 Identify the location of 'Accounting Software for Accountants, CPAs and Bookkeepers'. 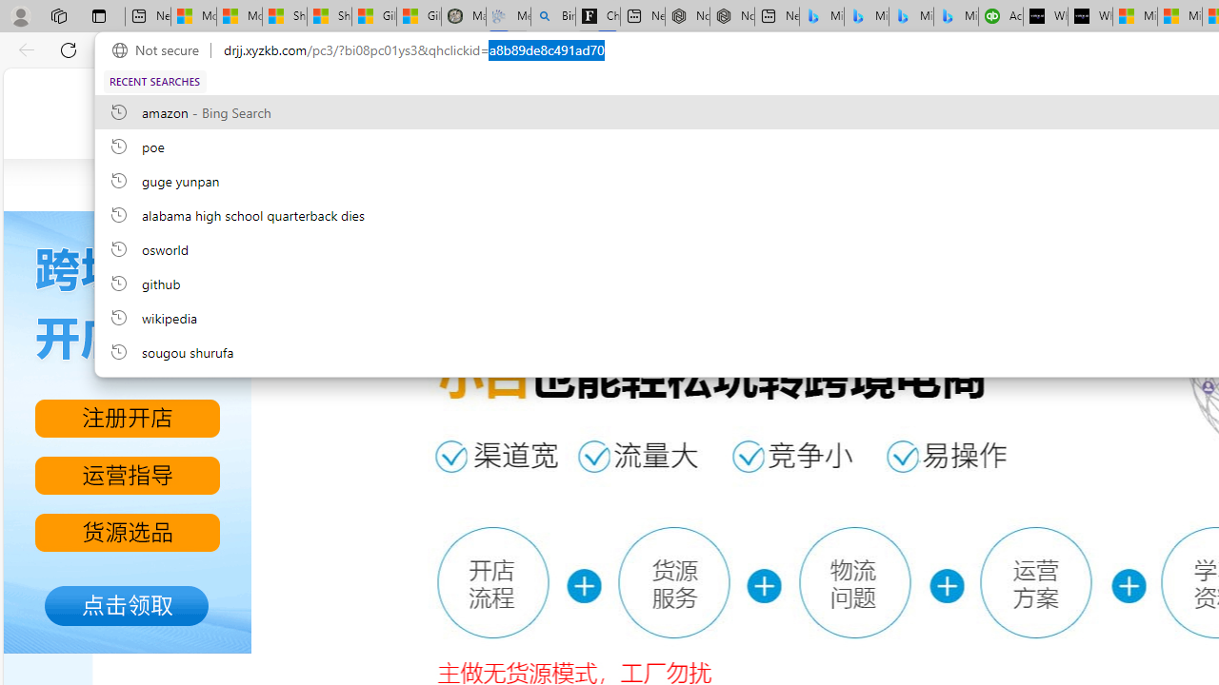
(999, 16).